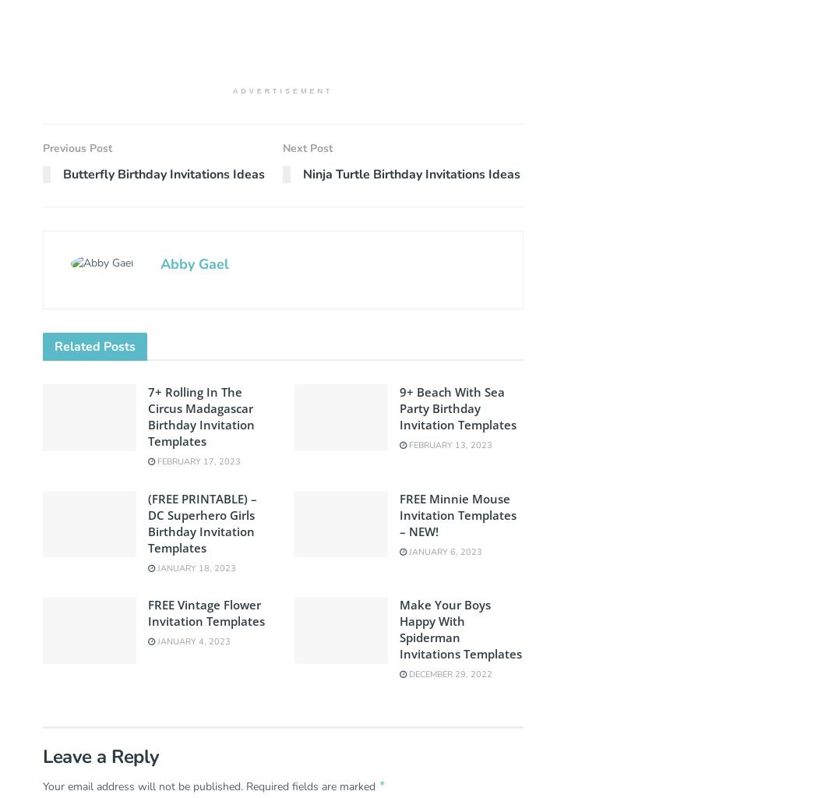 Image resolution: width=818 pixels, height=798 pixels. Describe the element at coordinates (381, 786) in the screenshot. I see `'*'` at that location.